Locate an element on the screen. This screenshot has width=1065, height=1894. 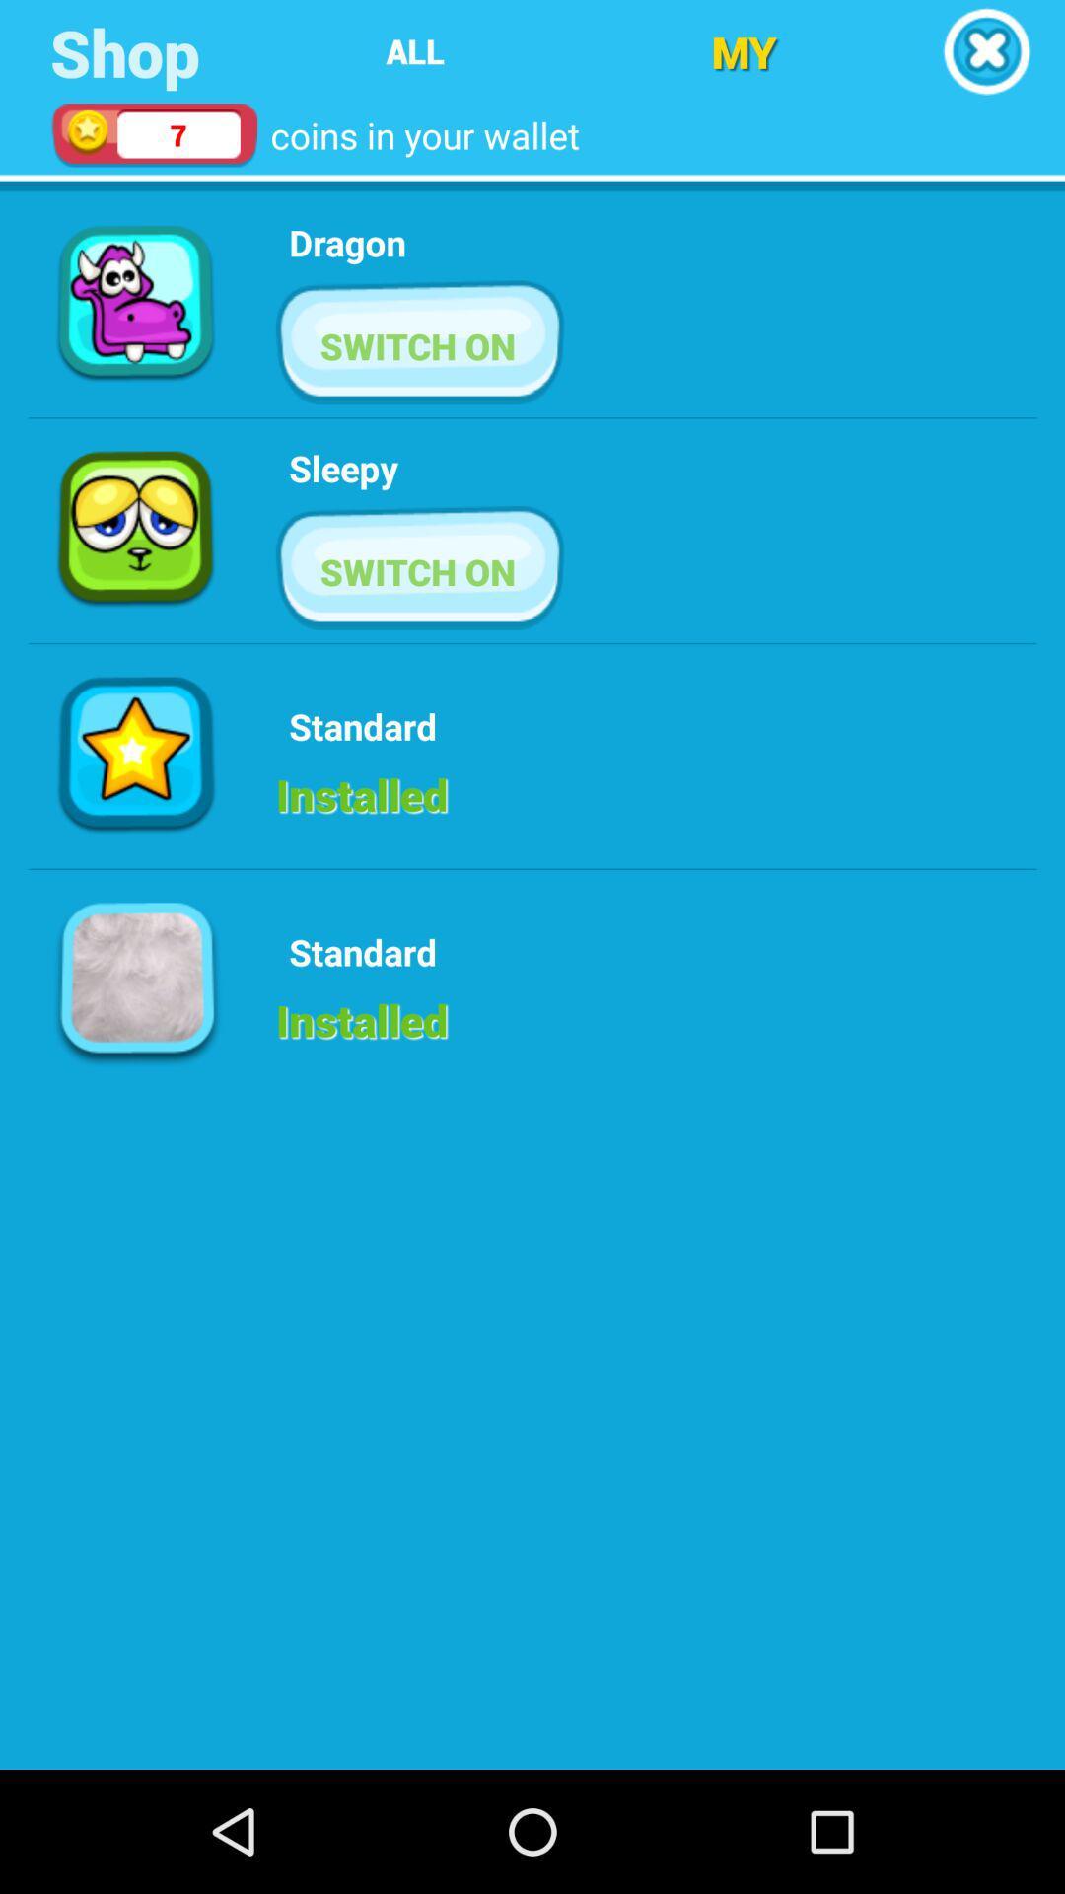
app below the coins in your is located at coordinates (346, 241).